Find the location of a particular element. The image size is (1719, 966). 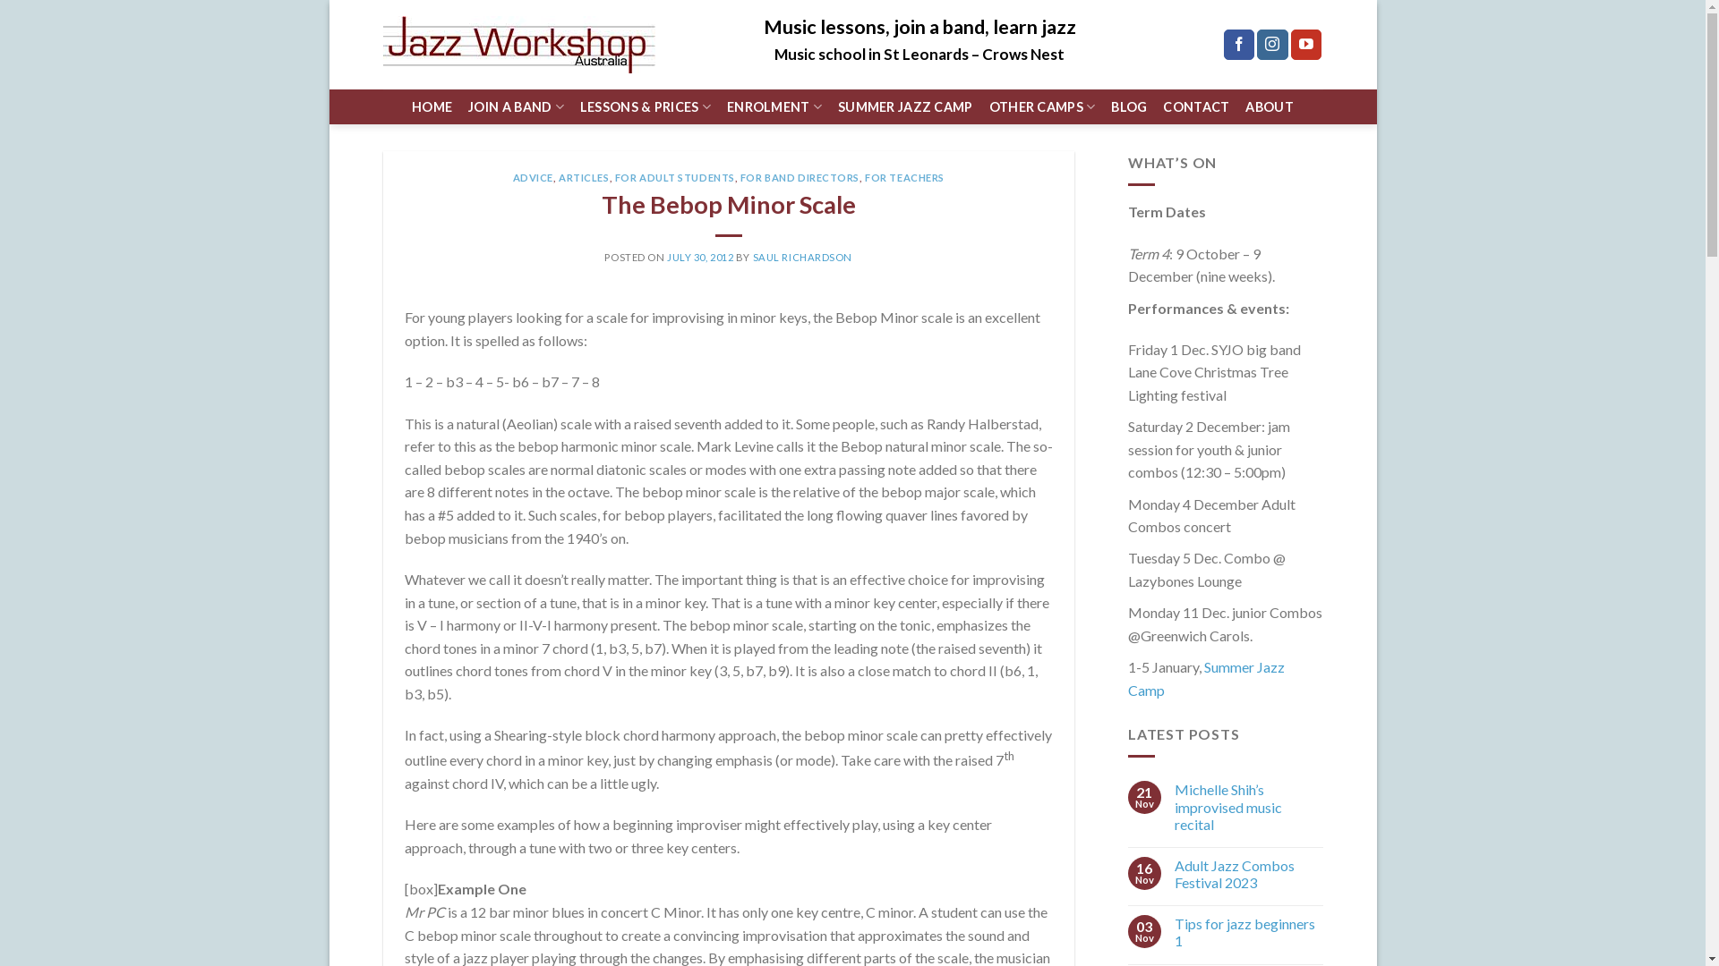

'ADVICE' is located at coordinates (532, 177).